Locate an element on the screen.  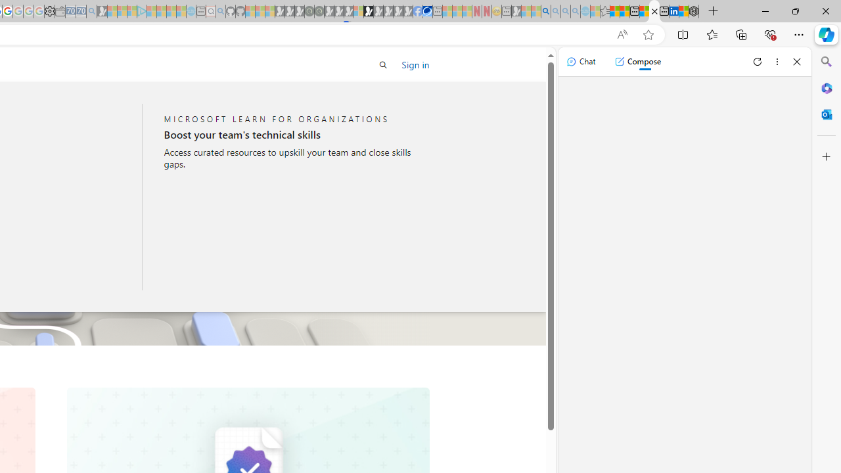
'Bing AI - Search' is located at coordinates (546, 11).